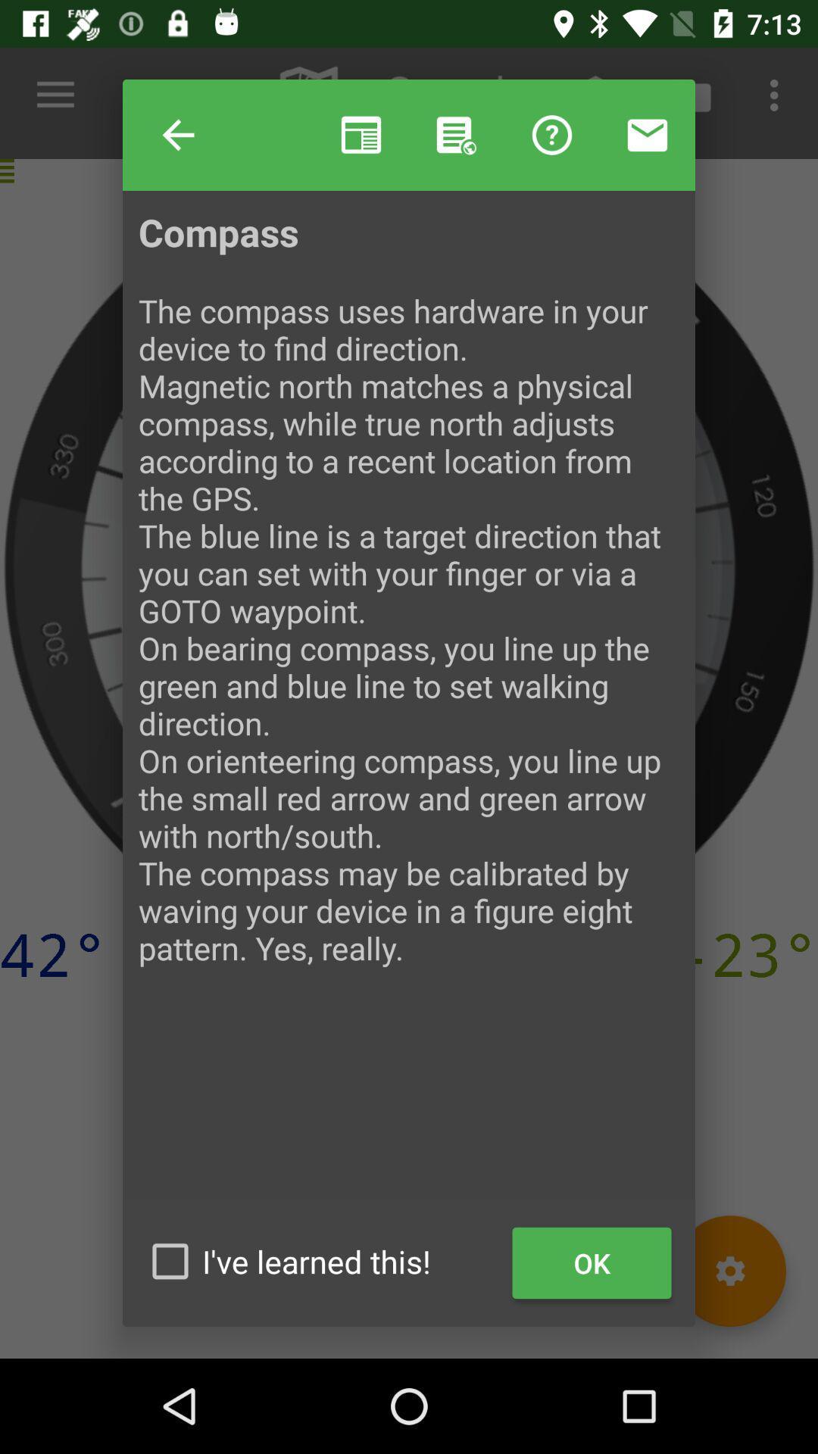  Describe the element at coordinates (591, 1263) in the screenshot. I see `the ok icon` at that location.